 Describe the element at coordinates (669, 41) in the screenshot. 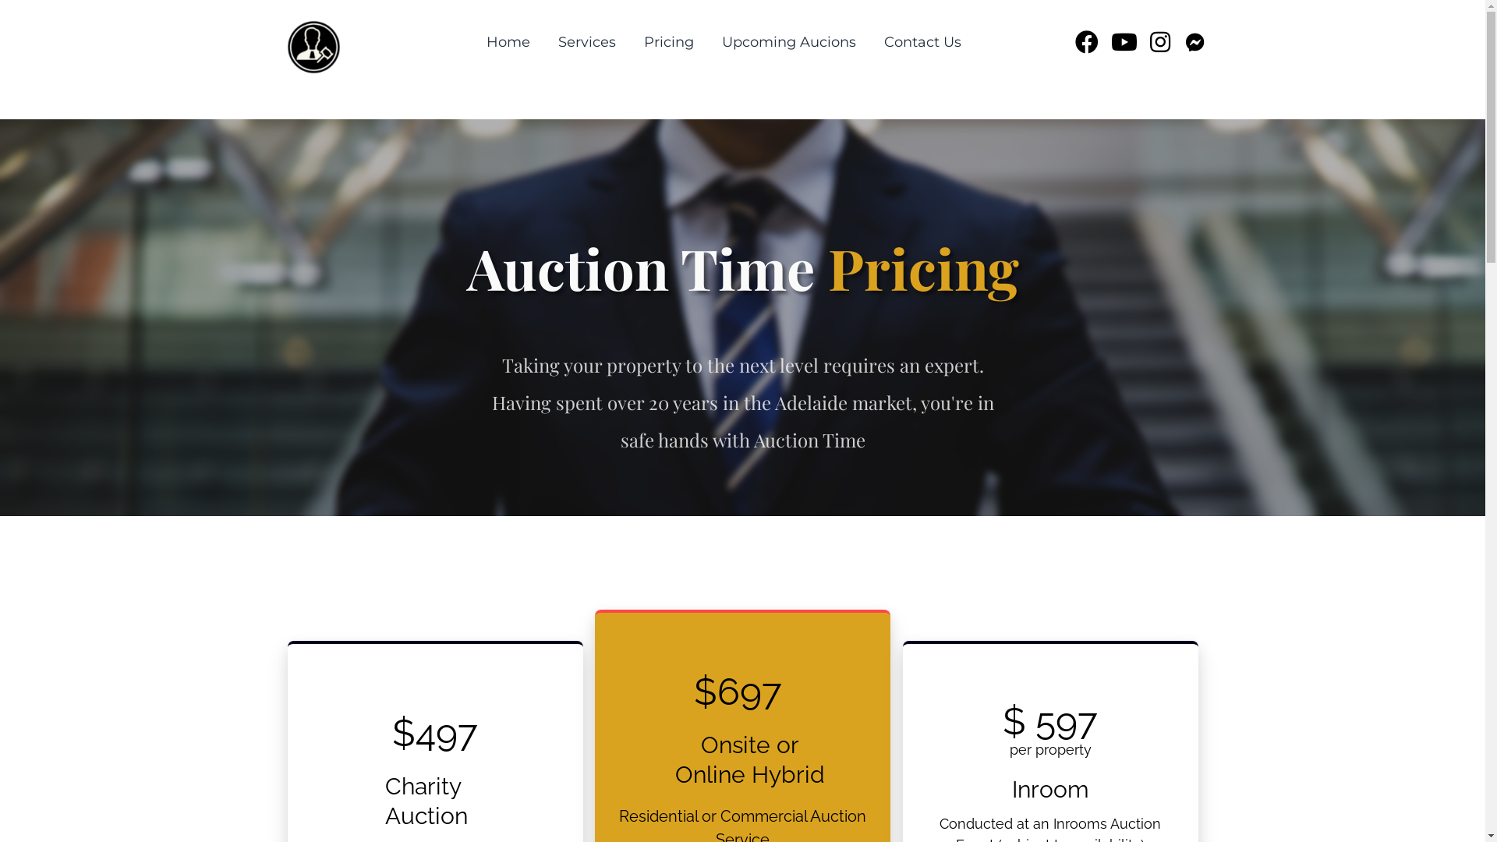

I see `'Pricing'` at that location.